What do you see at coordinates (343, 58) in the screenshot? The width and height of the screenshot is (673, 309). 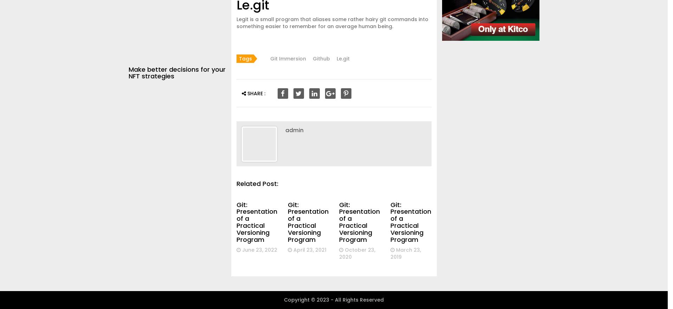 I see `'Le.git'` at bounding box center [343, 58].